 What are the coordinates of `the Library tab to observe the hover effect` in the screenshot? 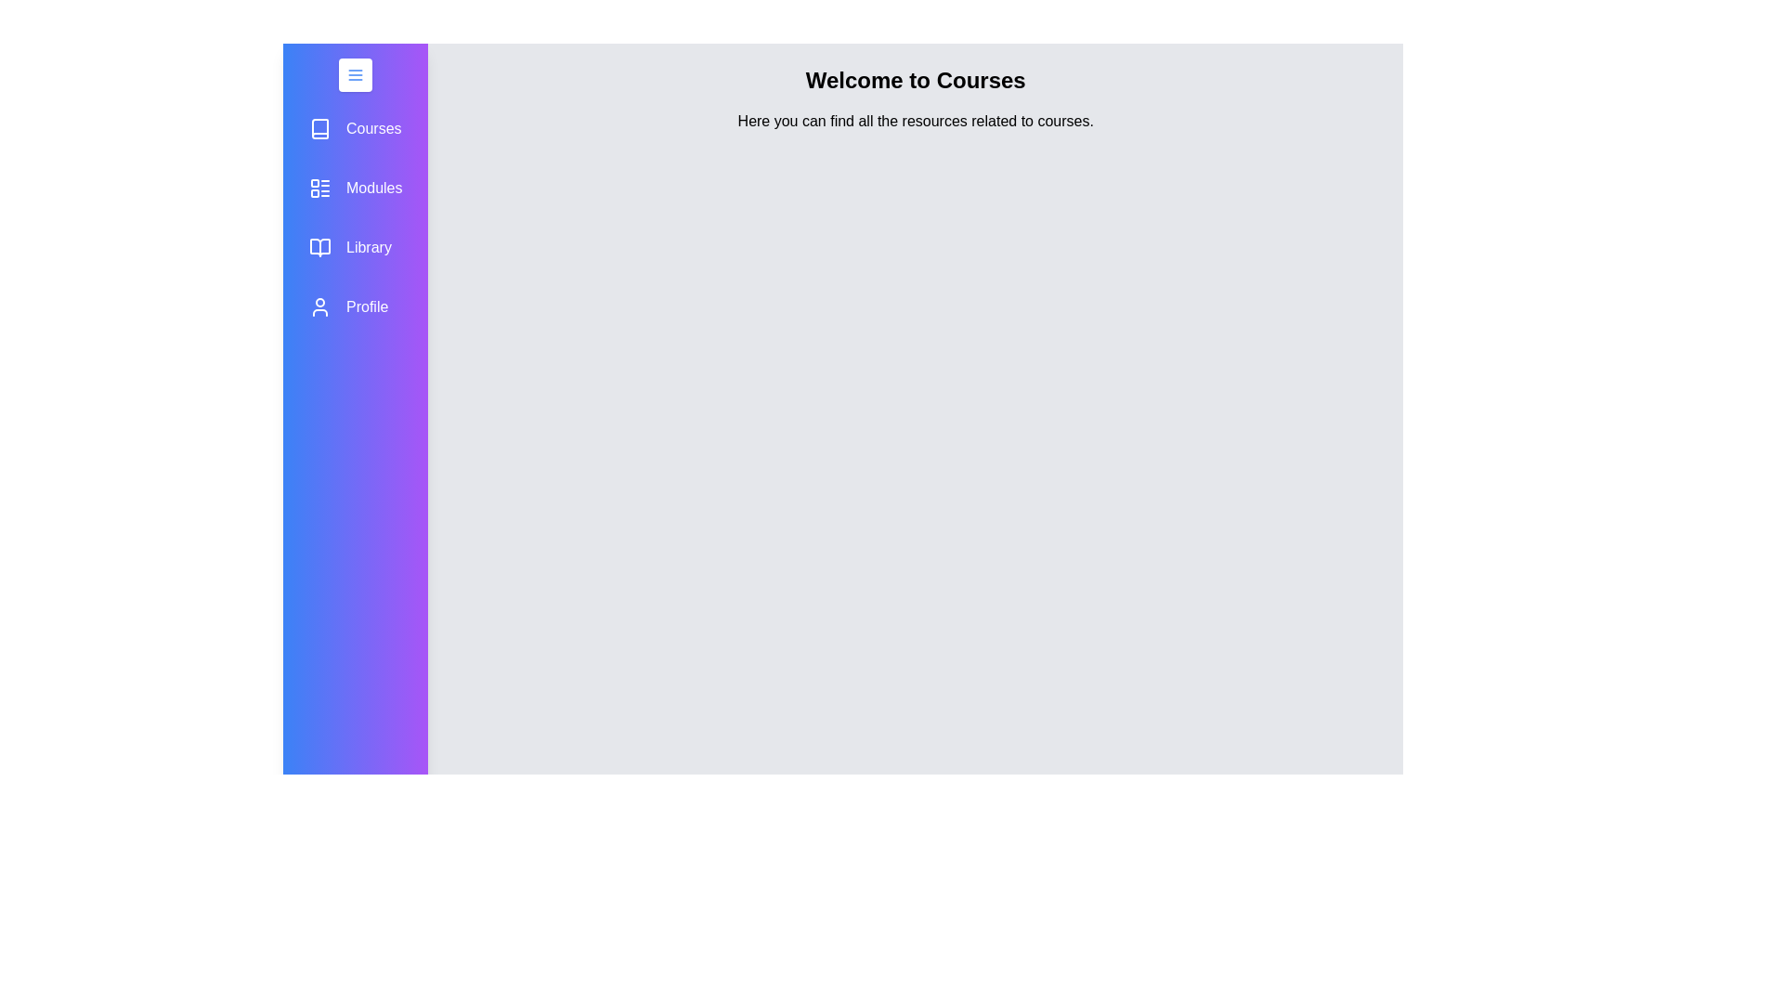 It's located at (356, 246).